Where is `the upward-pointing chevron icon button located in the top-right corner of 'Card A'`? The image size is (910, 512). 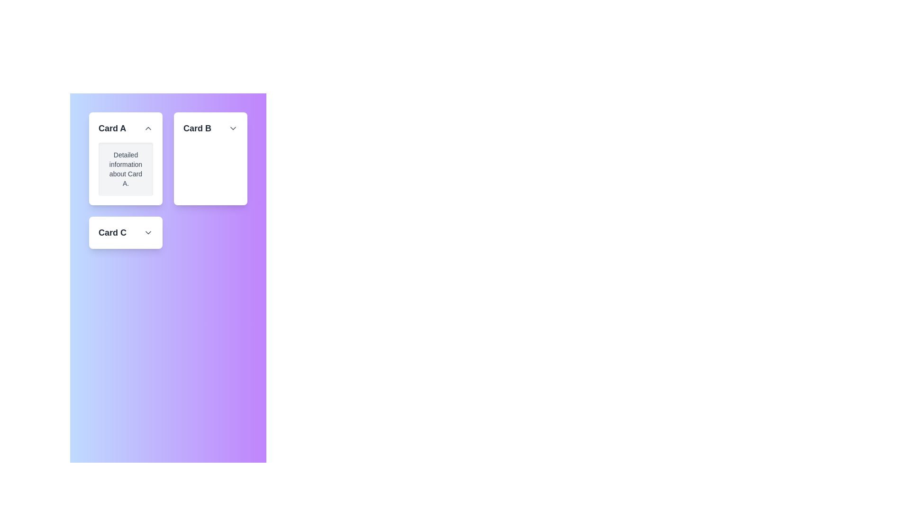
the upward-pointing chevron icon button located in the top-right corner of 'Card A' is located at coordinates (147, 128).